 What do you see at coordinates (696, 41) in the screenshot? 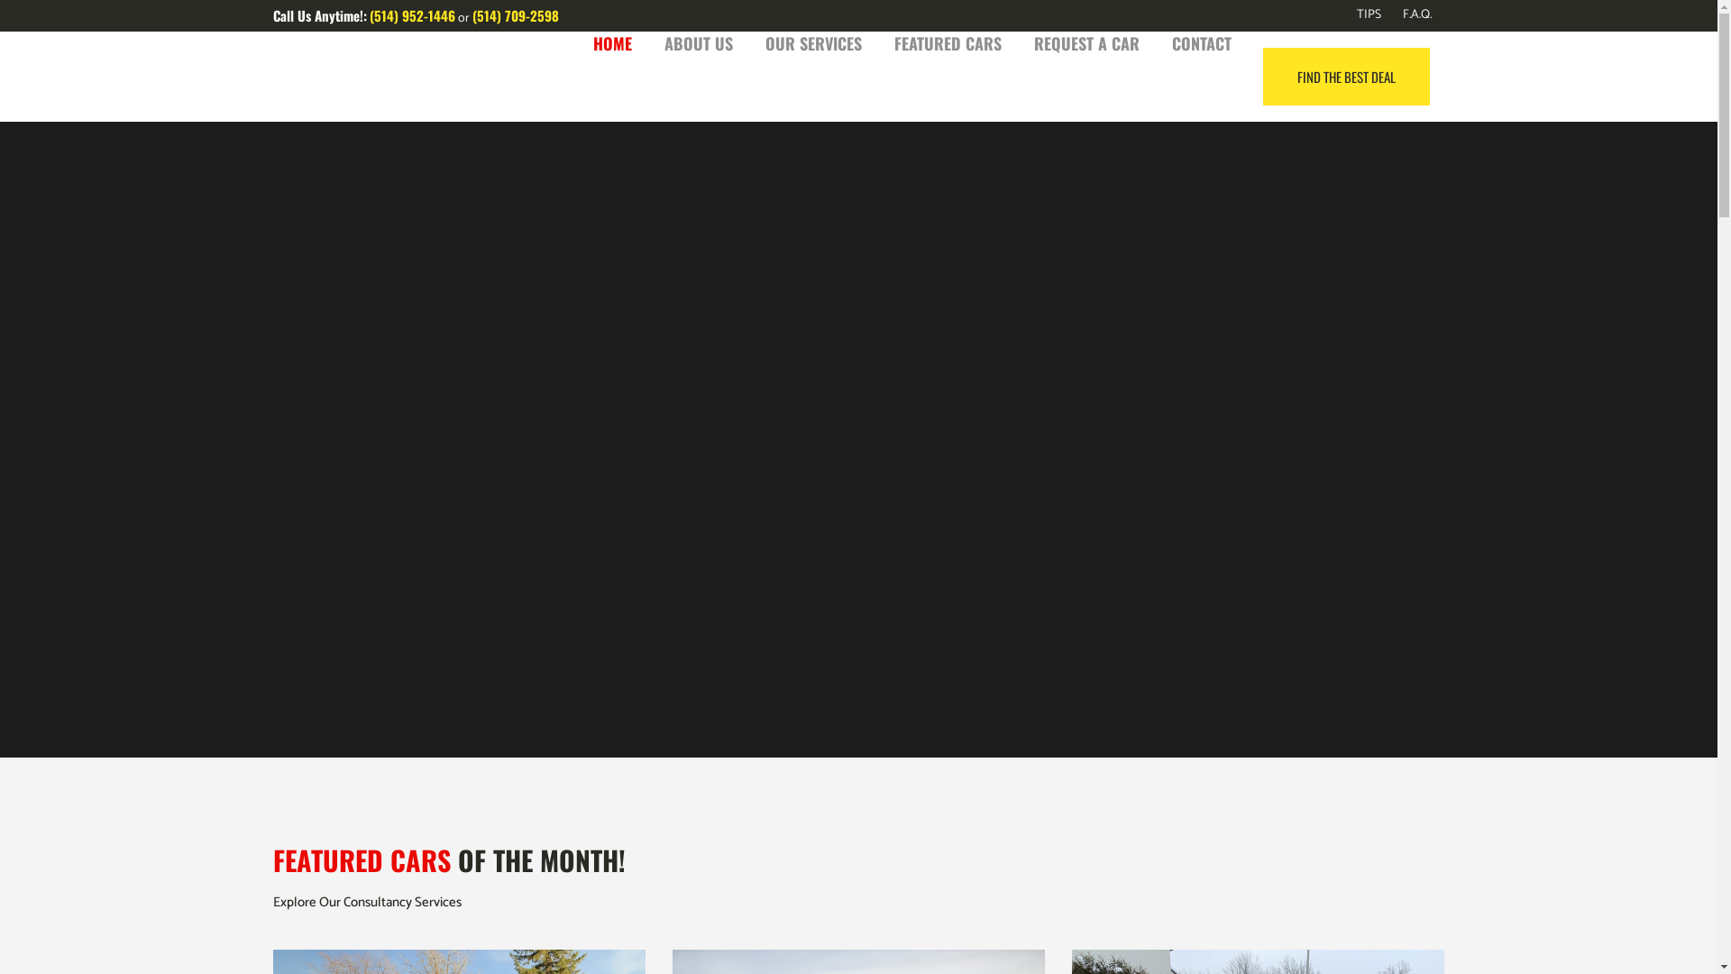
I see `'ABOUT US'` at bounding box center [696, 41].